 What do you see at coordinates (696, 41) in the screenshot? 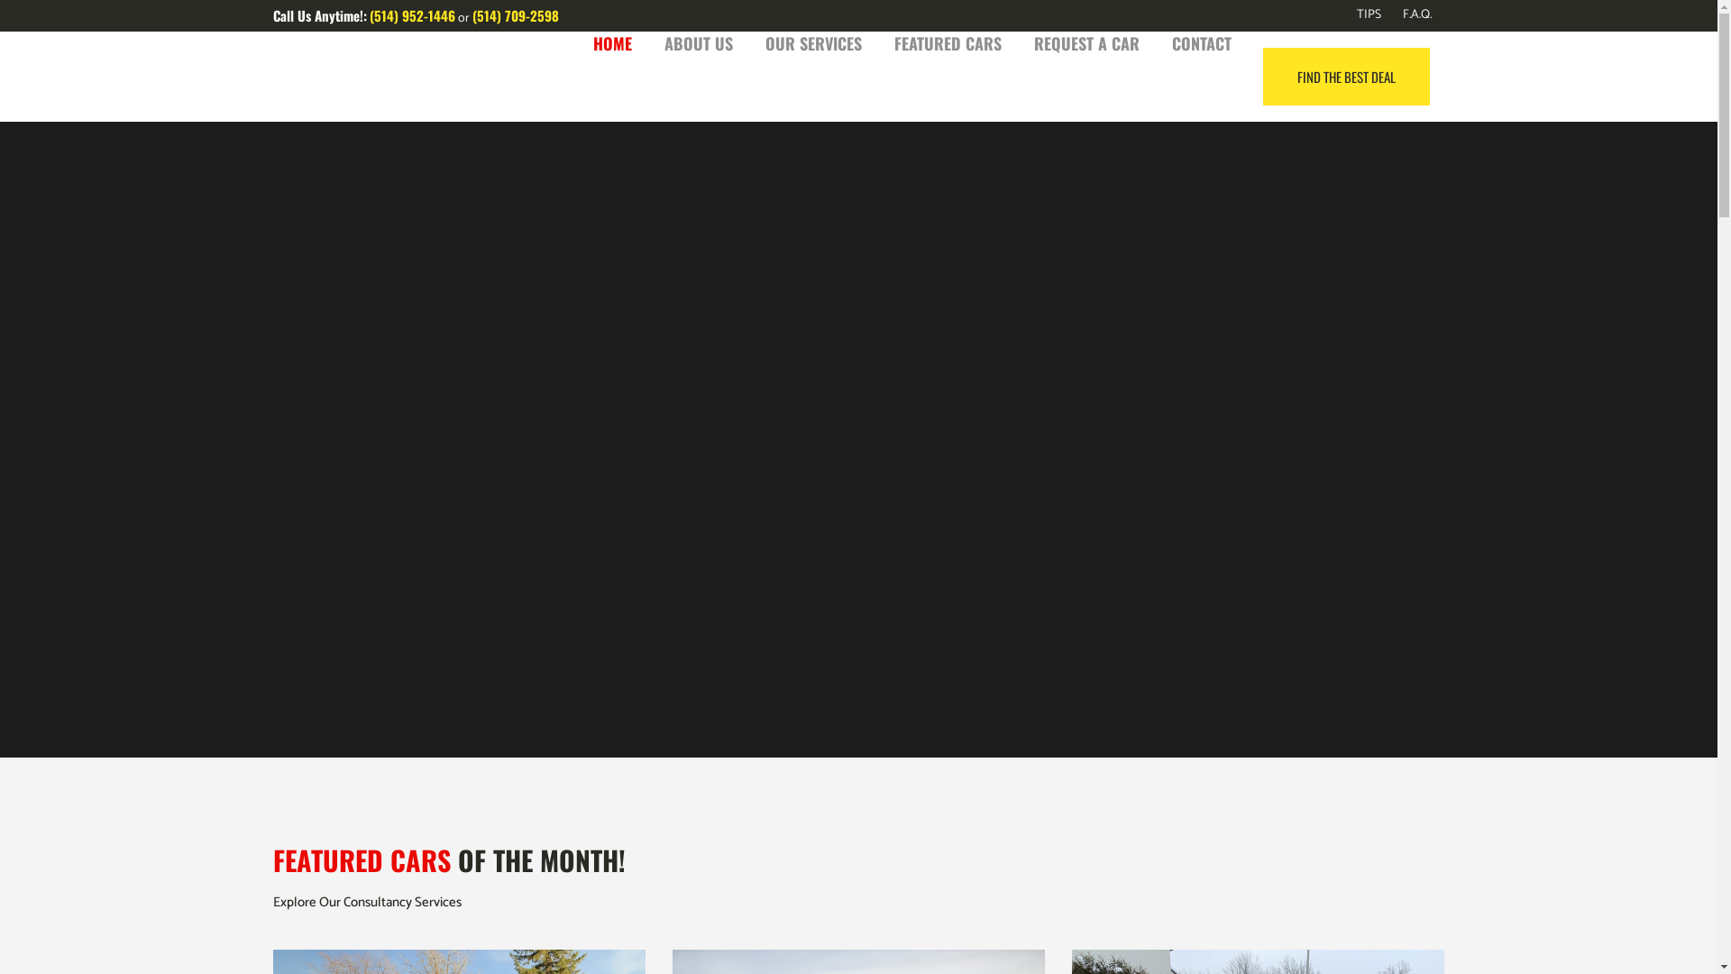
I see `'ABOUT US'` at bounding box center [696, 41].